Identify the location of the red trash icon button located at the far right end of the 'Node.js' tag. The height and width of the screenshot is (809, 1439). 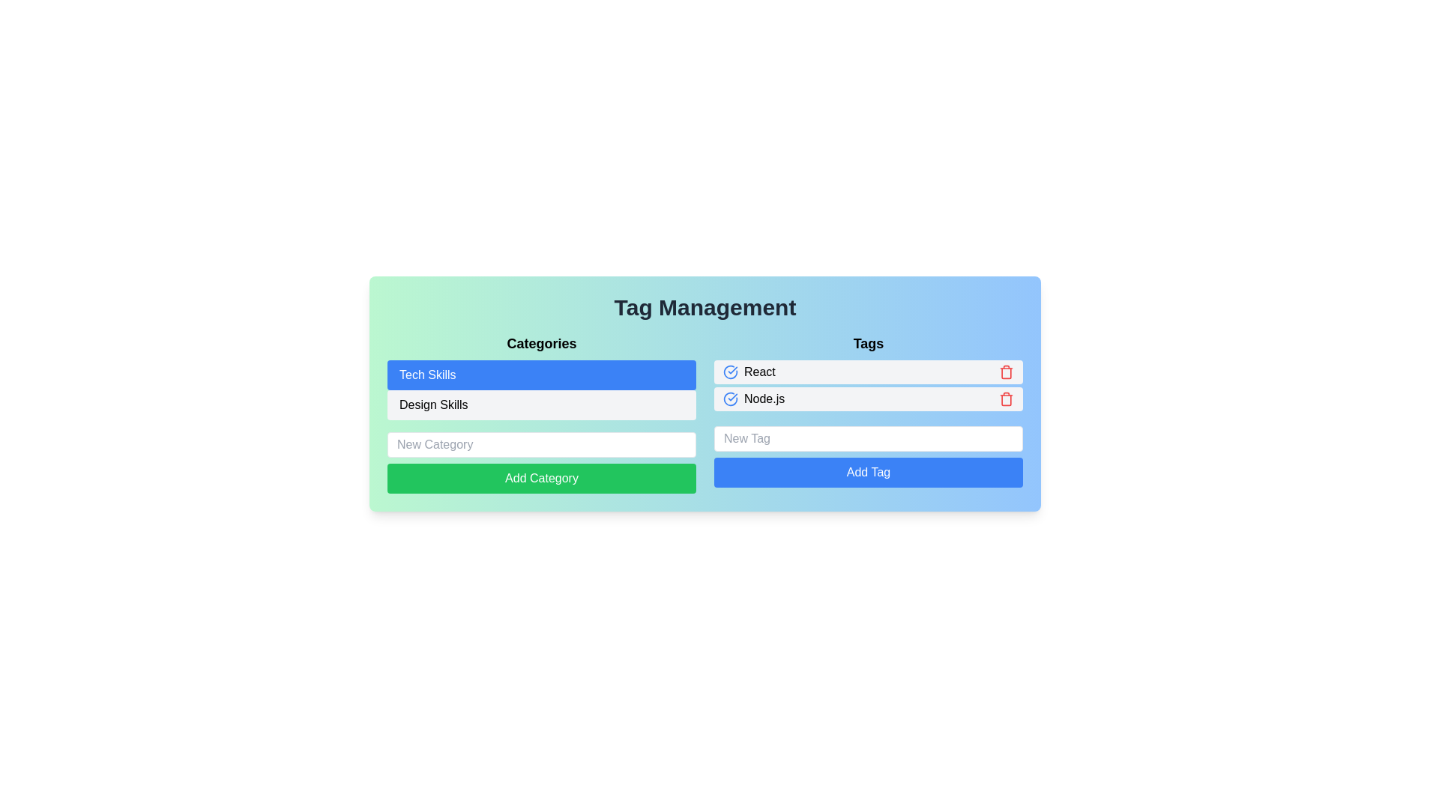
(1007, 398).